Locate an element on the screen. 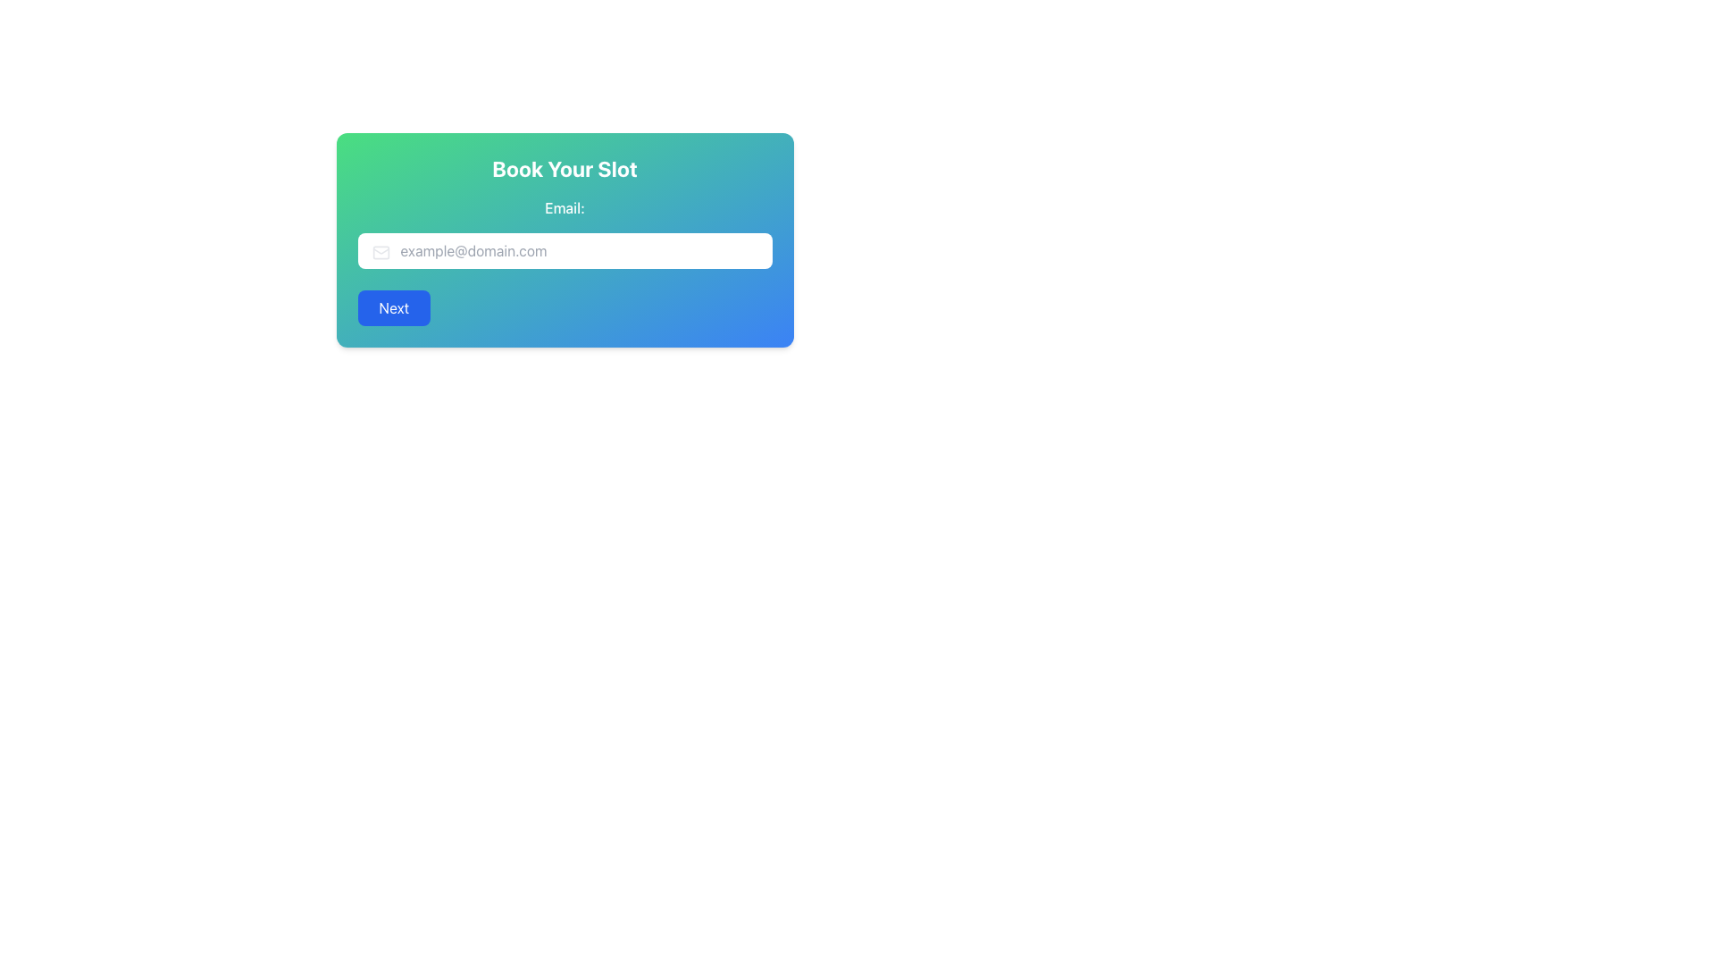 The image size is (1715, 965). the Static Text element that serves as the title or main instruction for the section, located at the top-center of the interface just above the email input field and 'Next' button is located at coordinates (564, 169).